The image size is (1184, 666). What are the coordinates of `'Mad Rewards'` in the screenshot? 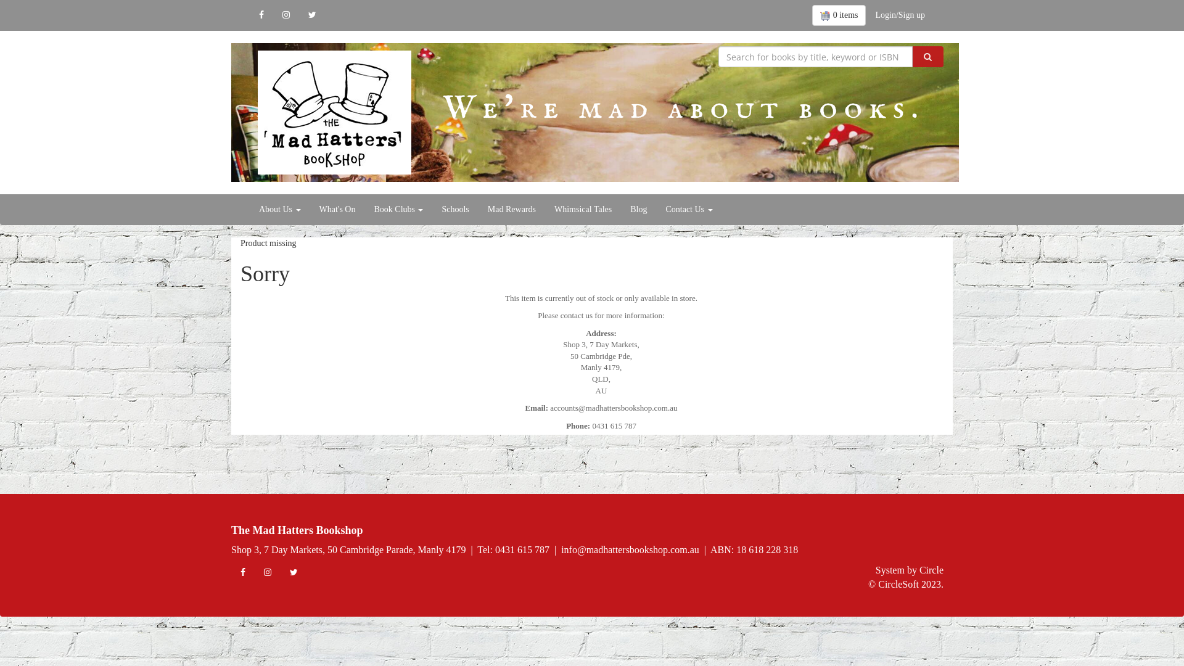 It's located at (512, 208).